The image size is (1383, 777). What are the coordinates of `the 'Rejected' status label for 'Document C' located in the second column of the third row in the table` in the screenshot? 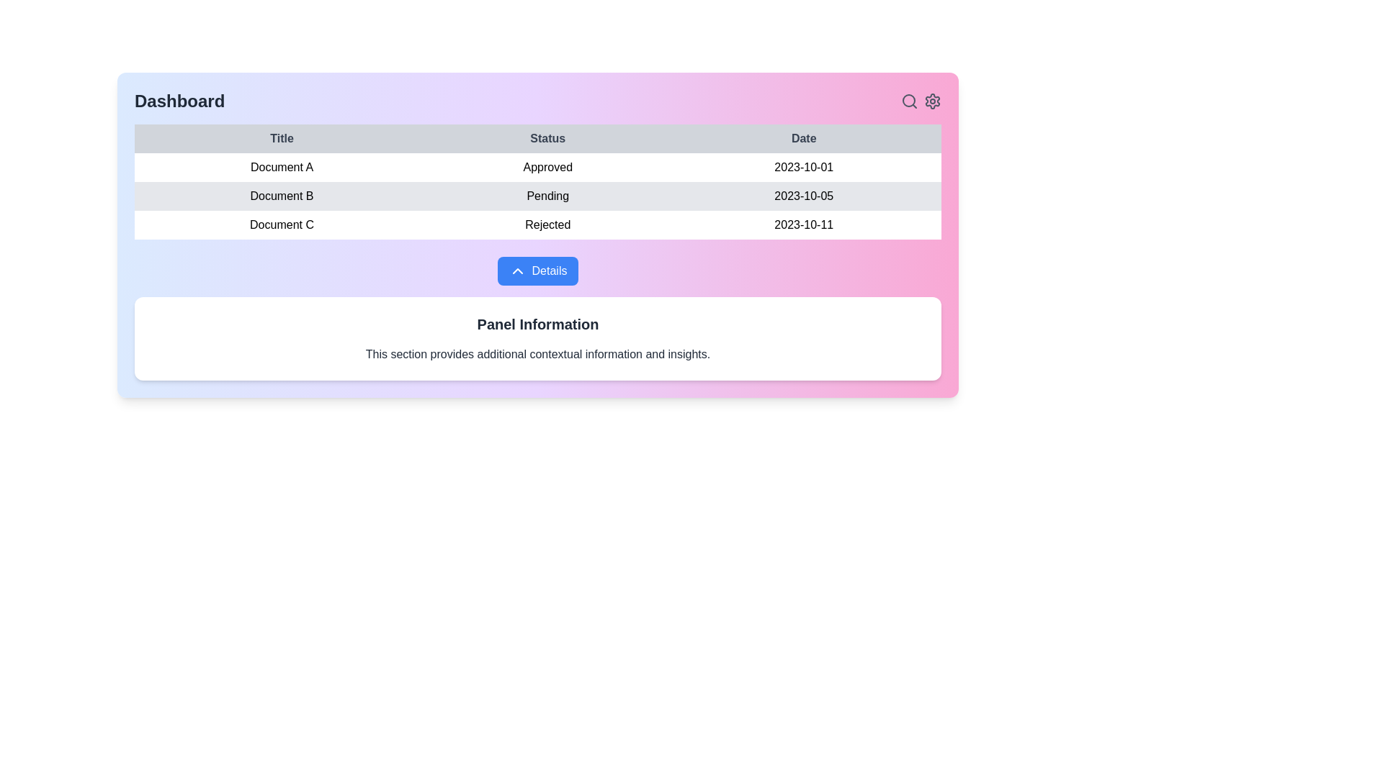 It's located at (547, 224).